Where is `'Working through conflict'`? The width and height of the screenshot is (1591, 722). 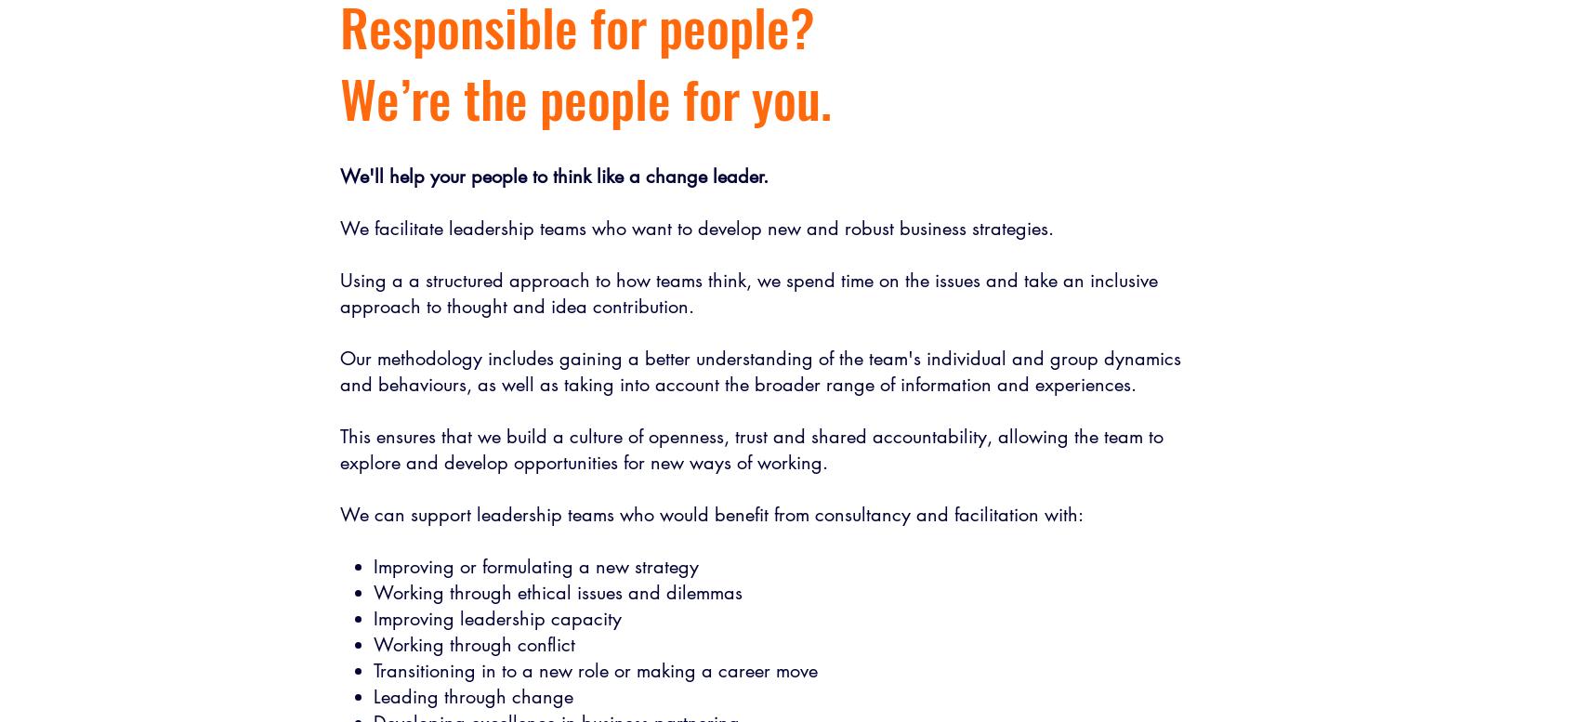
'Working through conflict' is located at coordinates (473, 645).